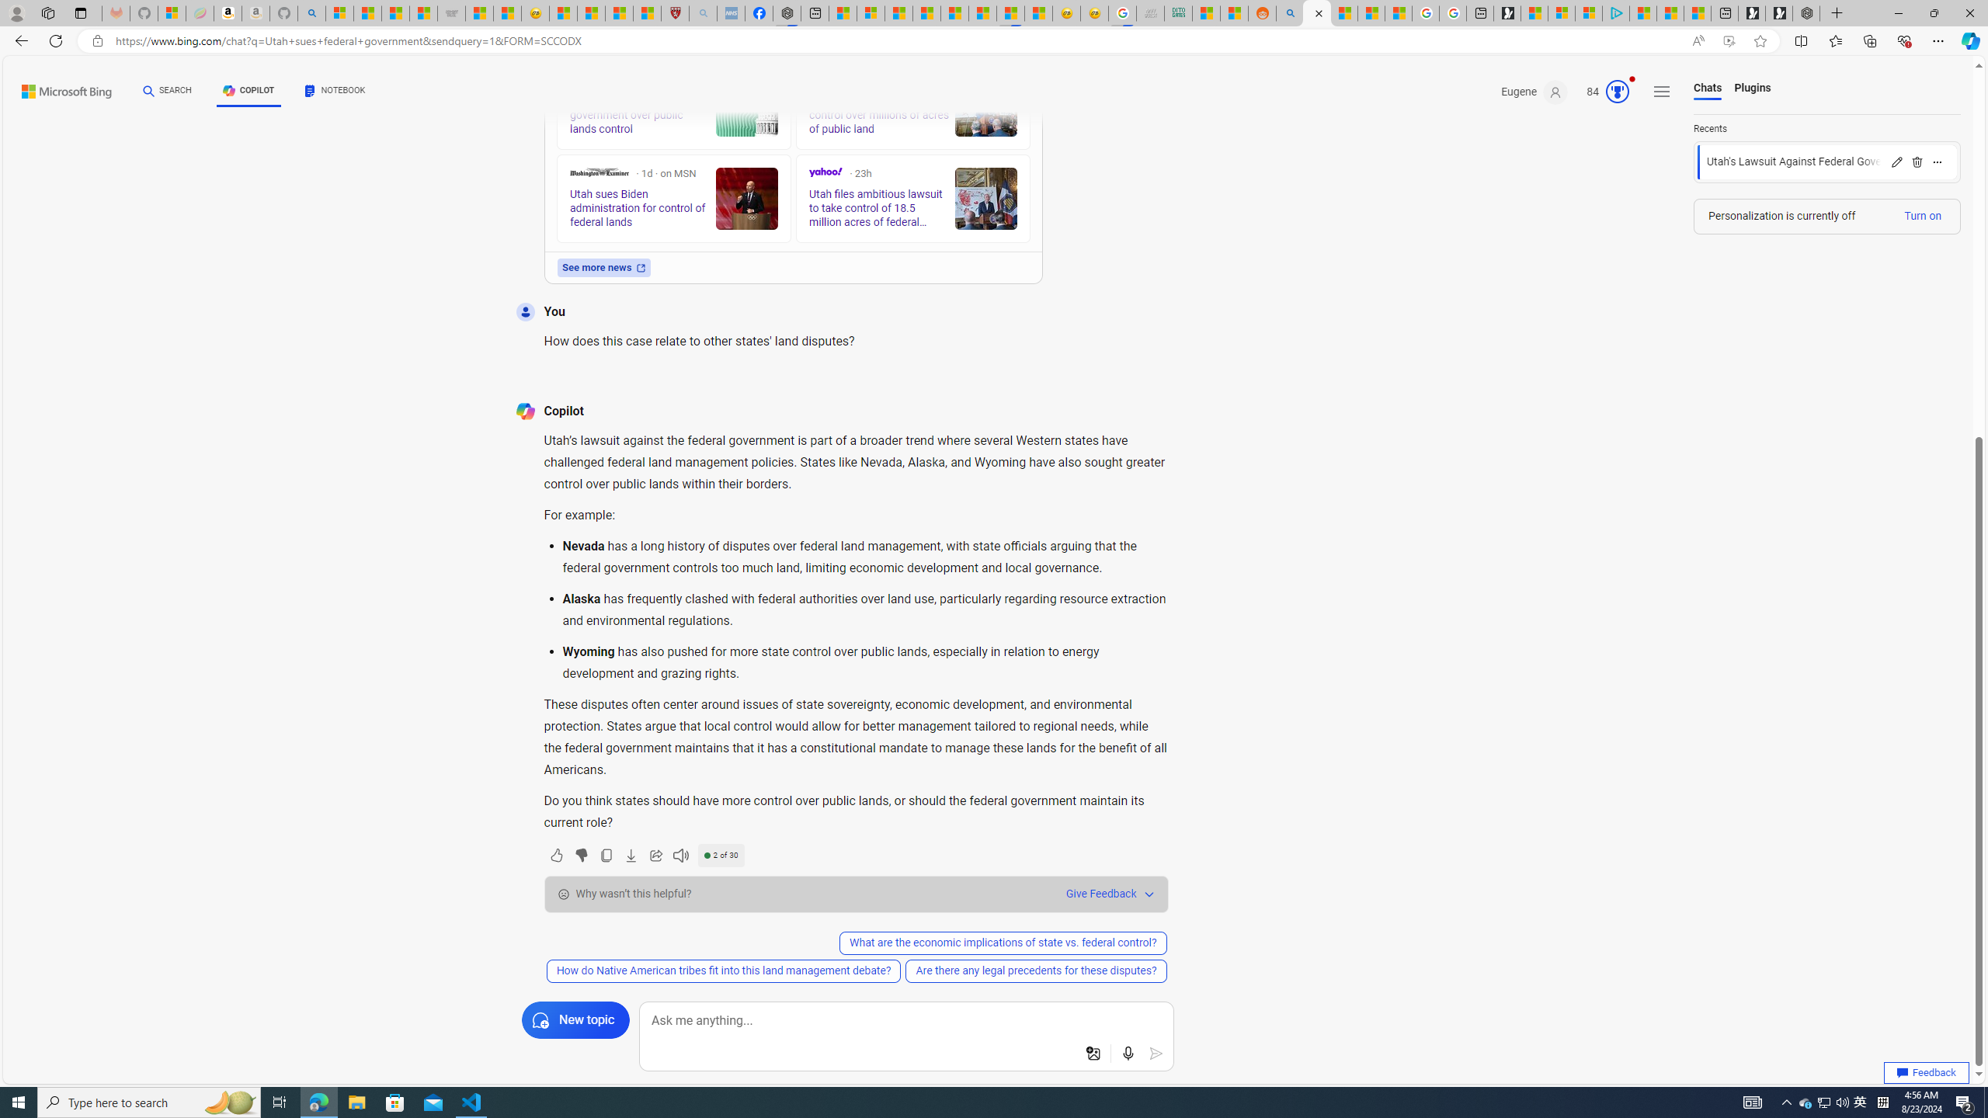 This screenshot has height=1118, width=1988. I want to click on 'New topic', so click(575, 1019).